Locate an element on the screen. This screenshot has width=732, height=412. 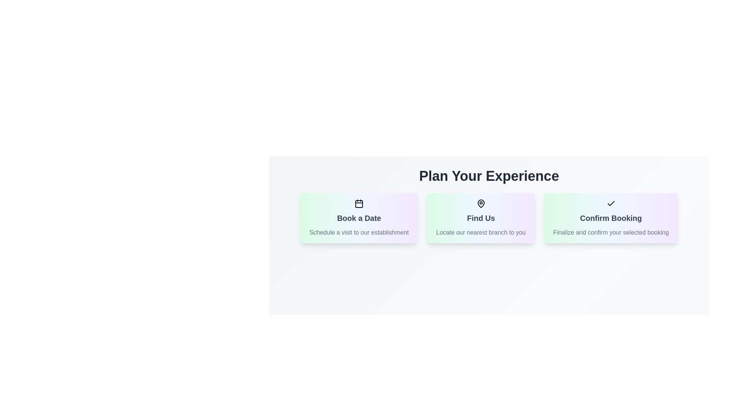
the 'Find Us' text label, which is styled in bold and located in the center card of the three-card layout is located at coordinates (480, 218).